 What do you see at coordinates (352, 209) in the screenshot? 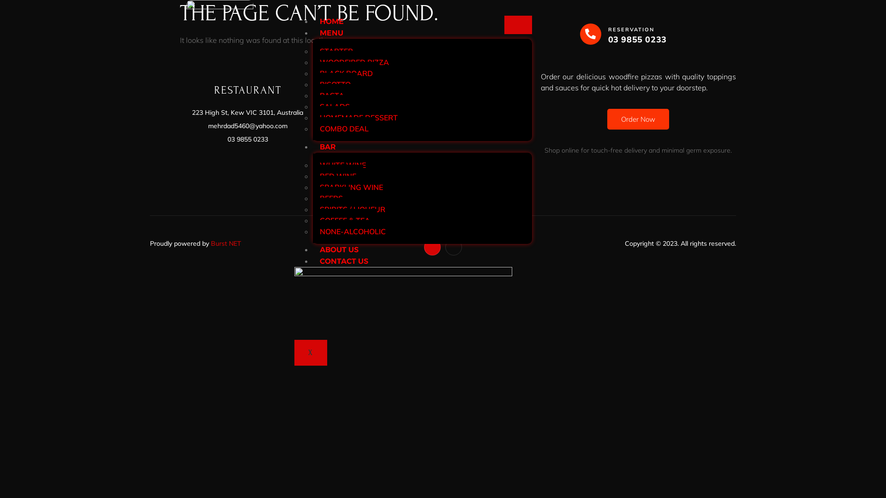
I see `'SPIRITS / LIQUEUR'` at bounding box center [352, 209].